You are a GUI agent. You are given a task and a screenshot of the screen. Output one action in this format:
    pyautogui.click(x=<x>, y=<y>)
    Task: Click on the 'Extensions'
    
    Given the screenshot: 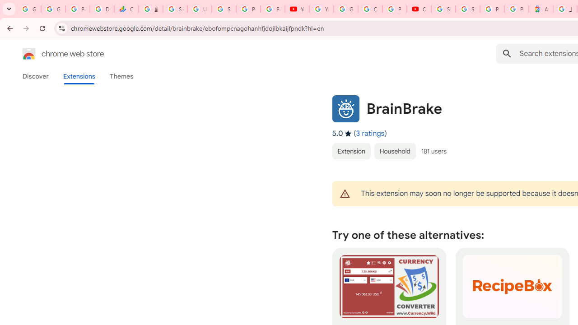 What is the action you would take?
    pyautogui.click(x=79, y=76)
    